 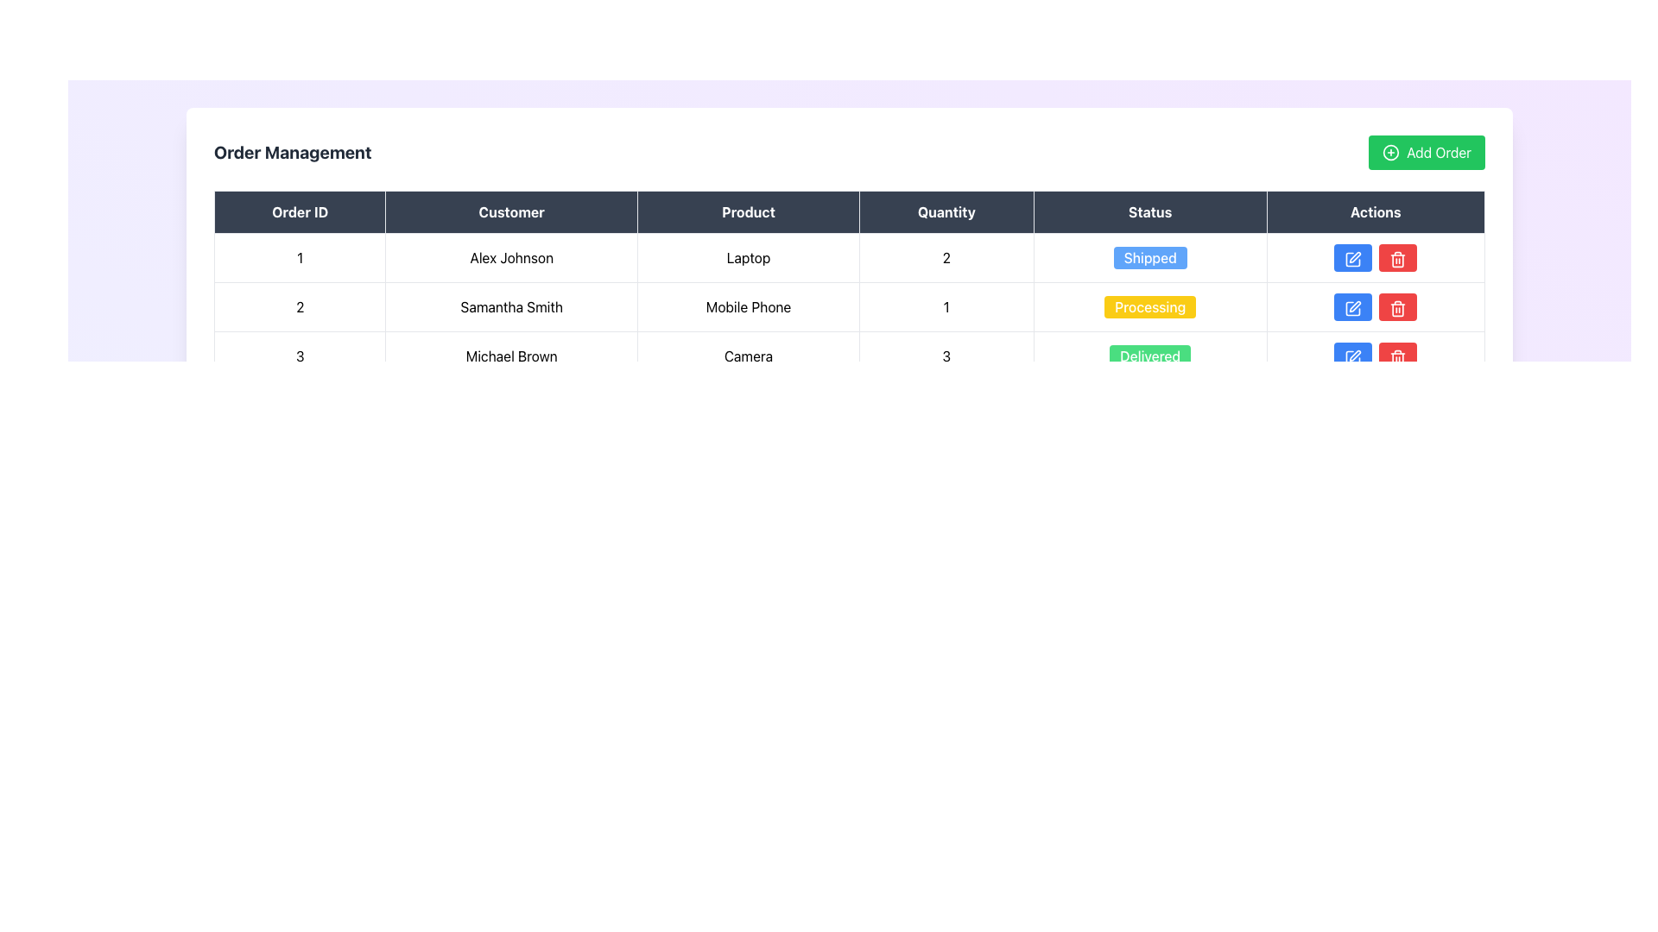 I want to click on the table header cell in the fourth column that indicates quantities of items, positioned between the 'Product' and 'Status' header cells, so click(x=946, y=211).